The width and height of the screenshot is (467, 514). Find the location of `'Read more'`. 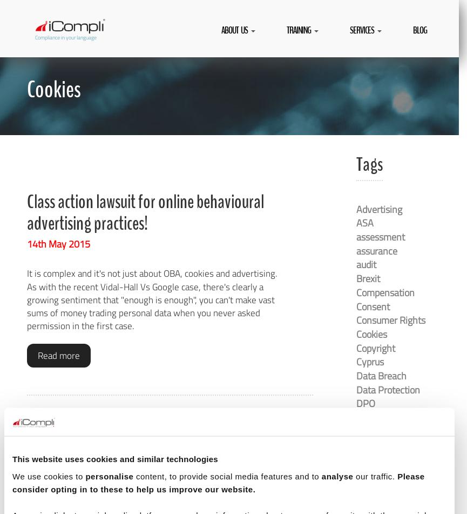

'Read more' is located at coordinates (58, 355).